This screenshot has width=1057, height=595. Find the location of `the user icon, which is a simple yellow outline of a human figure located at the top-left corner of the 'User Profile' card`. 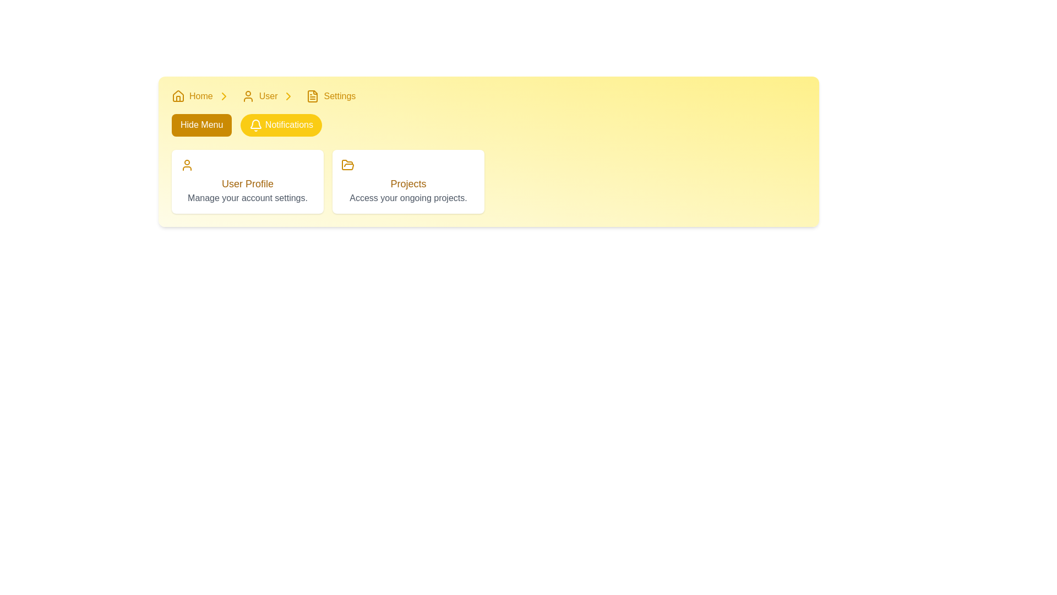

the user icon, which is a simple yellow outline of a human figure located at the top-left corner of the 'User Profile' card is located at coordinates (187, 165).